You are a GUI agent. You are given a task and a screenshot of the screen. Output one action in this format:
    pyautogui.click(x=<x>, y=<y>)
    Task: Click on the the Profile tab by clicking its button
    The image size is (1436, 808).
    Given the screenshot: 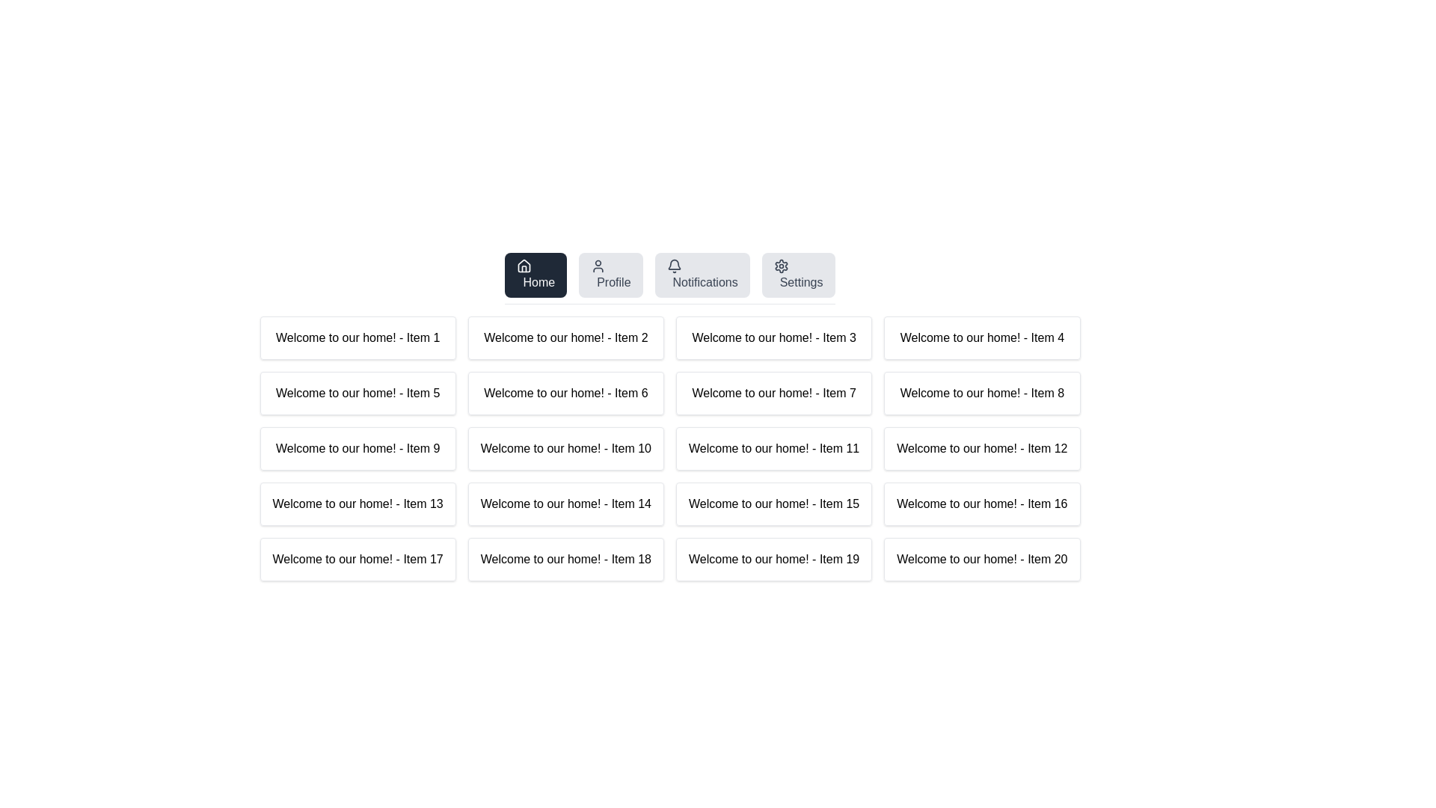 What is the action you would take?
    pyautogui.click(x=610, y=275)
    